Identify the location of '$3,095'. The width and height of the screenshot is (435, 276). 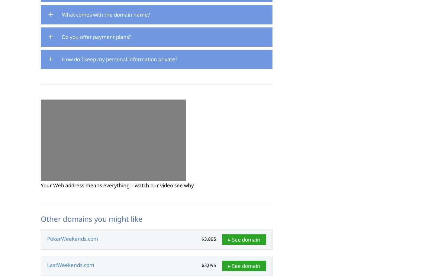
(209, 265).